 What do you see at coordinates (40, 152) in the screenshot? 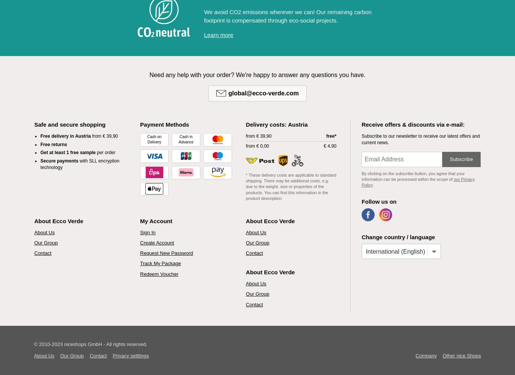
I see `'Get at least 1 free sample'` at bounding box center [40, 152].